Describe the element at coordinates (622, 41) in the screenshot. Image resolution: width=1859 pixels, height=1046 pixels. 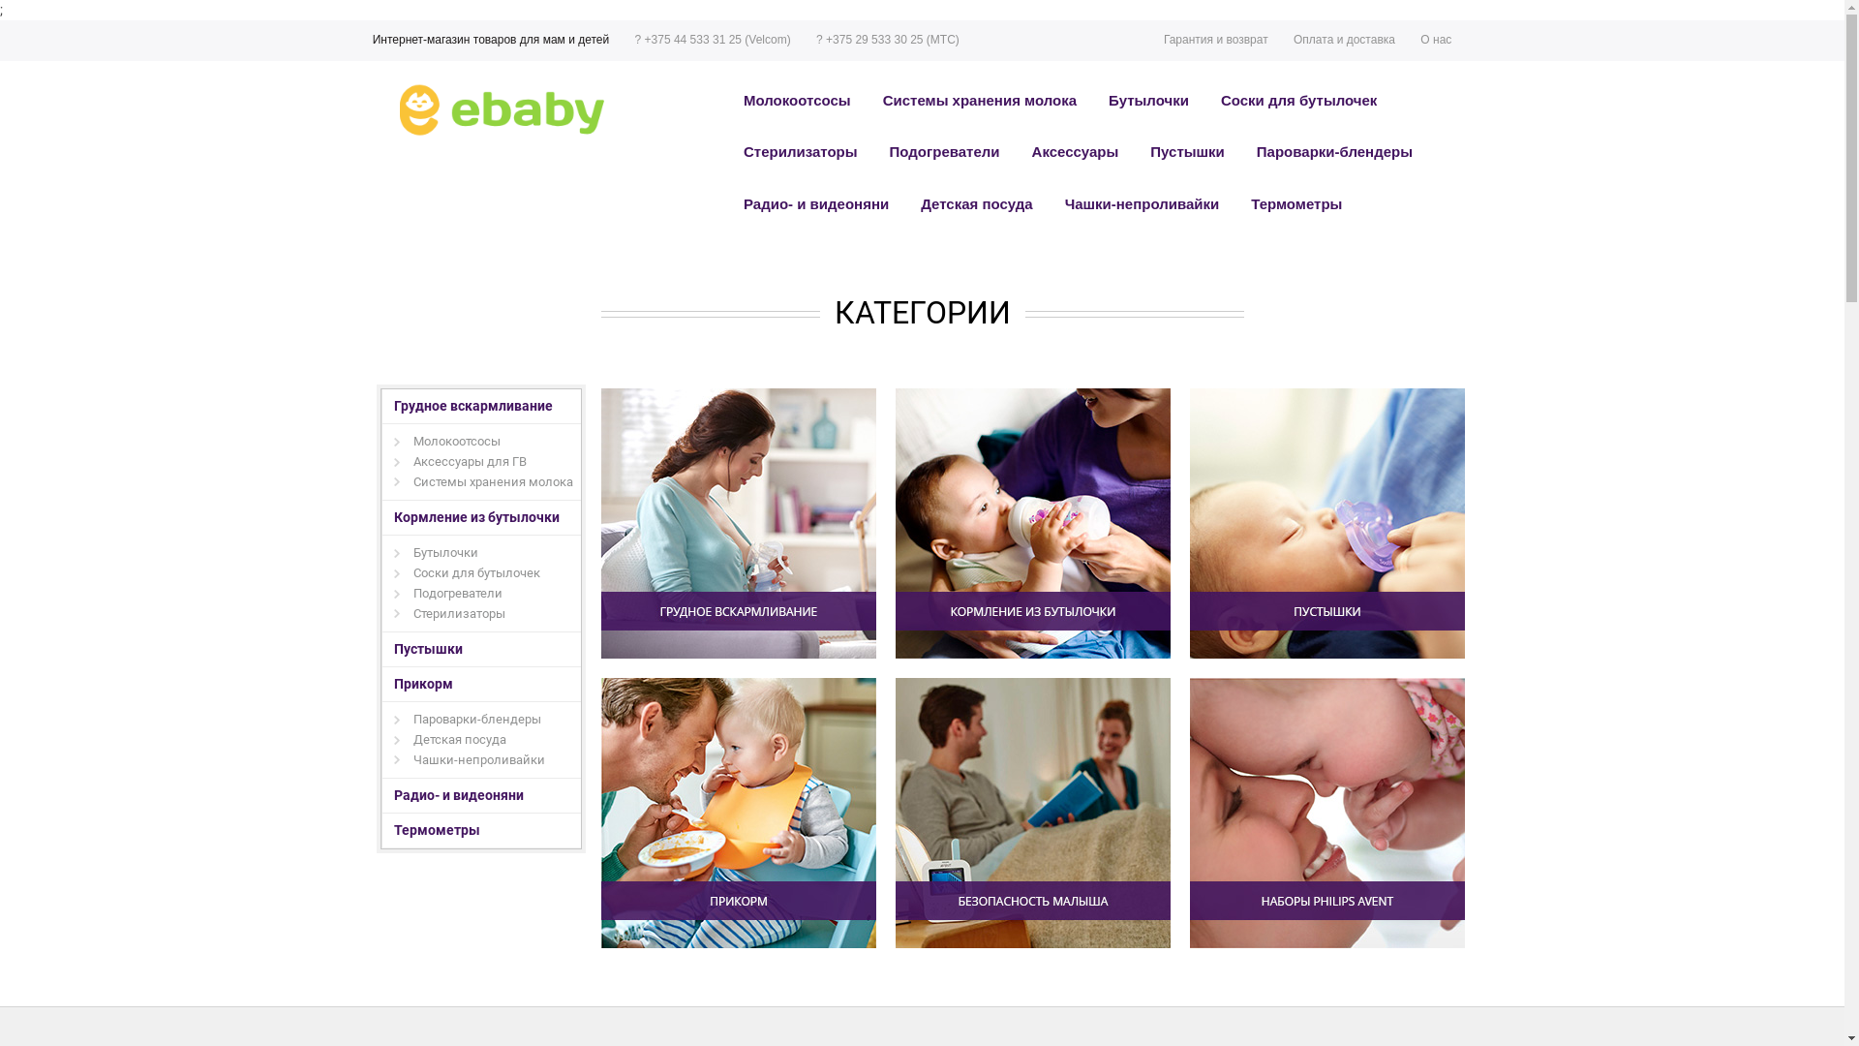
I see `'? +375 44 533 31 25 (Velcom)'` at that location.